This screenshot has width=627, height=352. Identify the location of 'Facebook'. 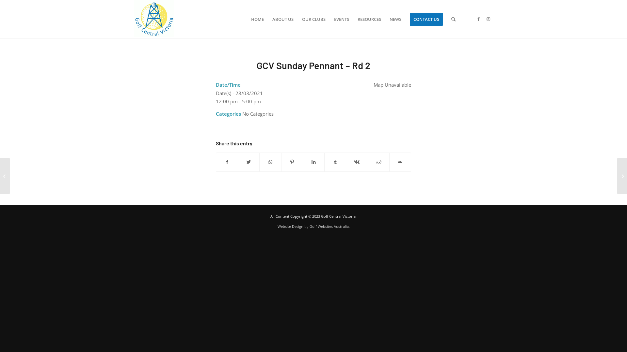
(478, 18).